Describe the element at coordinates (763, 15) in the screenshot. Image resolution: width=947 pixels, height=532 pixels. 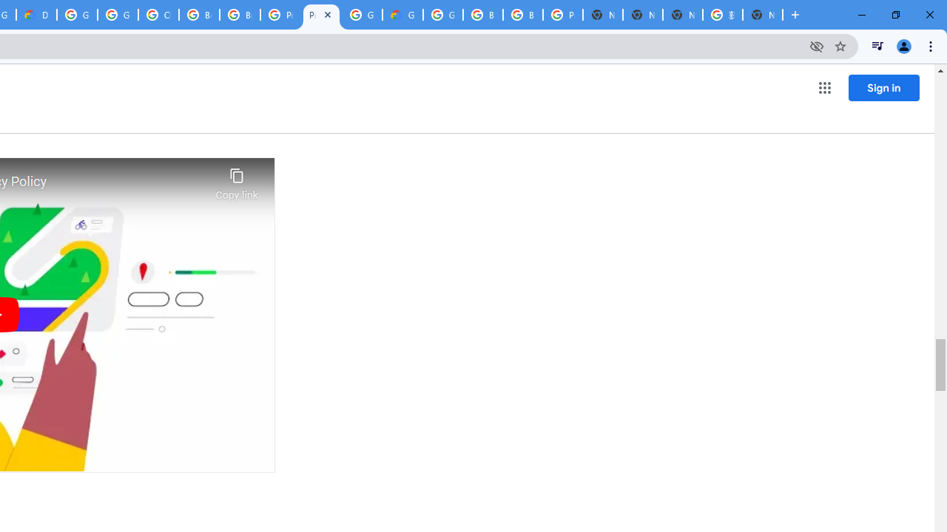
I see `'New Tab'` at that location.